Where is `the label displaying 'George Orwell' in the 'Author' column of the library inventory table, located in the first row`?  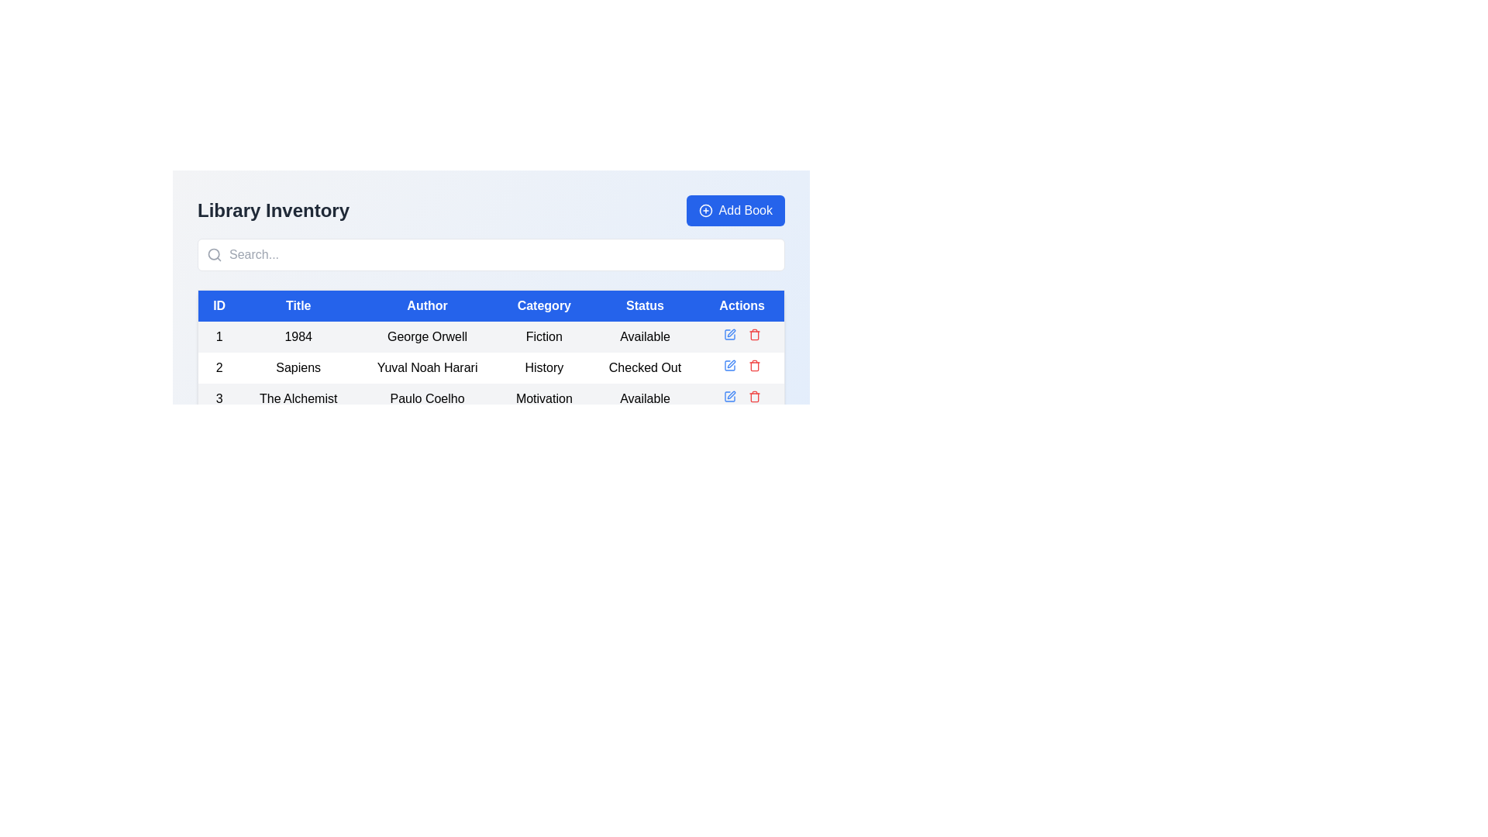 the label displaying 'George Orwell' in the 'Author' column of the library inventory table, located in the first row is located at coordinates (427, 336).